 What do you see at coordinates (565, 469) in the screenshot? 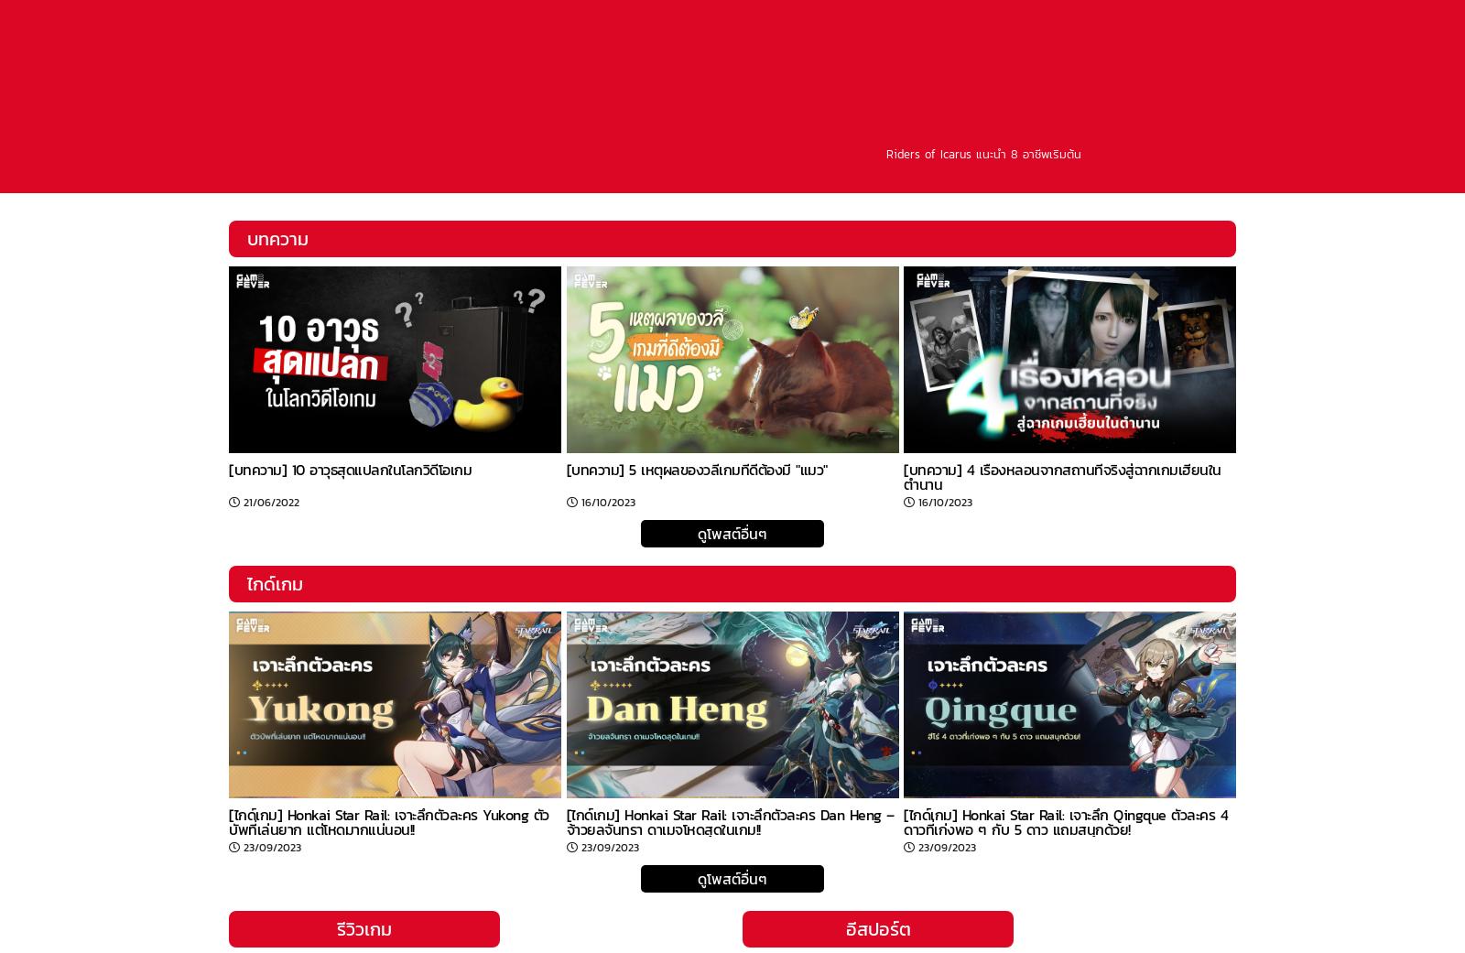
I see `'[บทความ] 5 เหตุผลของวลีเกมที่ดีต้องมี "แมว"'` at bounding box center [565, 469].